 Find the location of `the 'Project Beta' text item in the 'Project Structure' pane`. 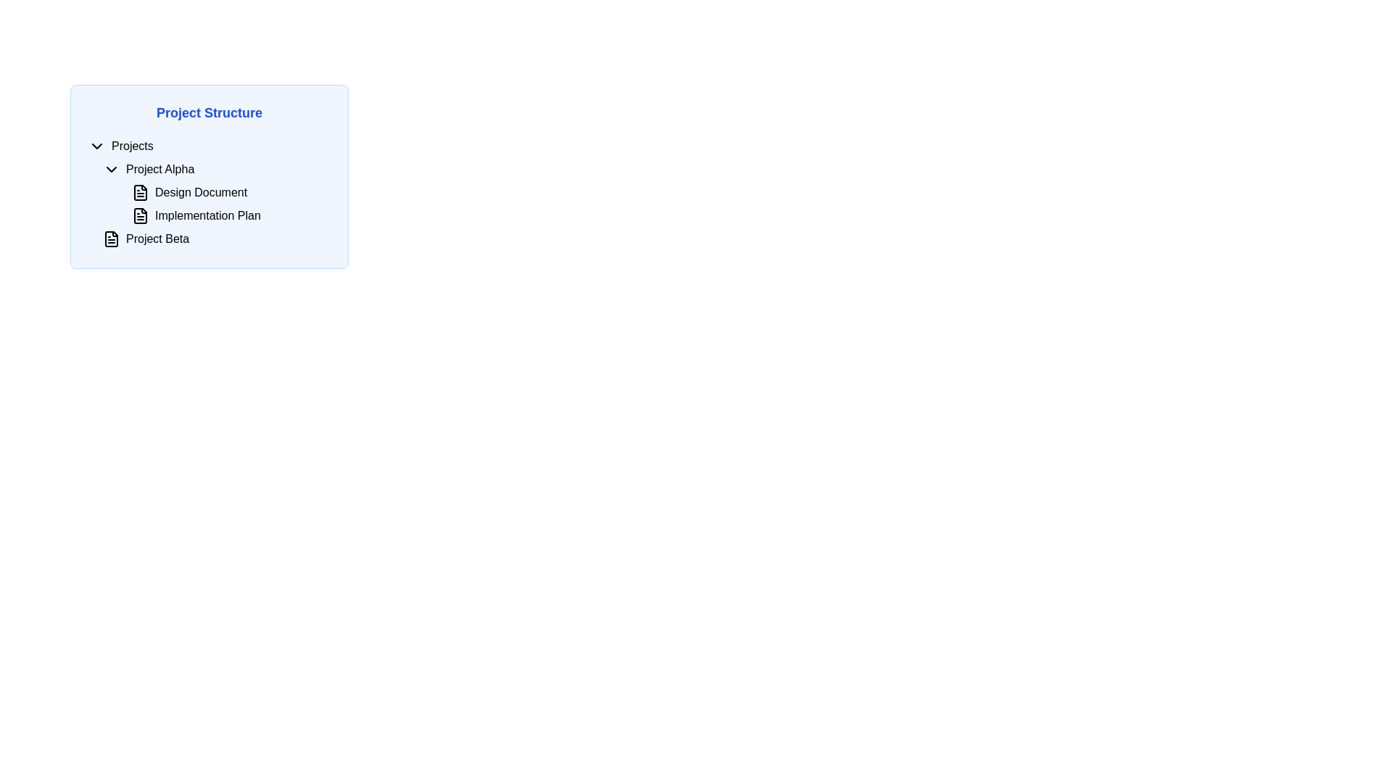

the 'Project Beta' text item in the 'Project Structure' pane is located at coordinates (157, 239).